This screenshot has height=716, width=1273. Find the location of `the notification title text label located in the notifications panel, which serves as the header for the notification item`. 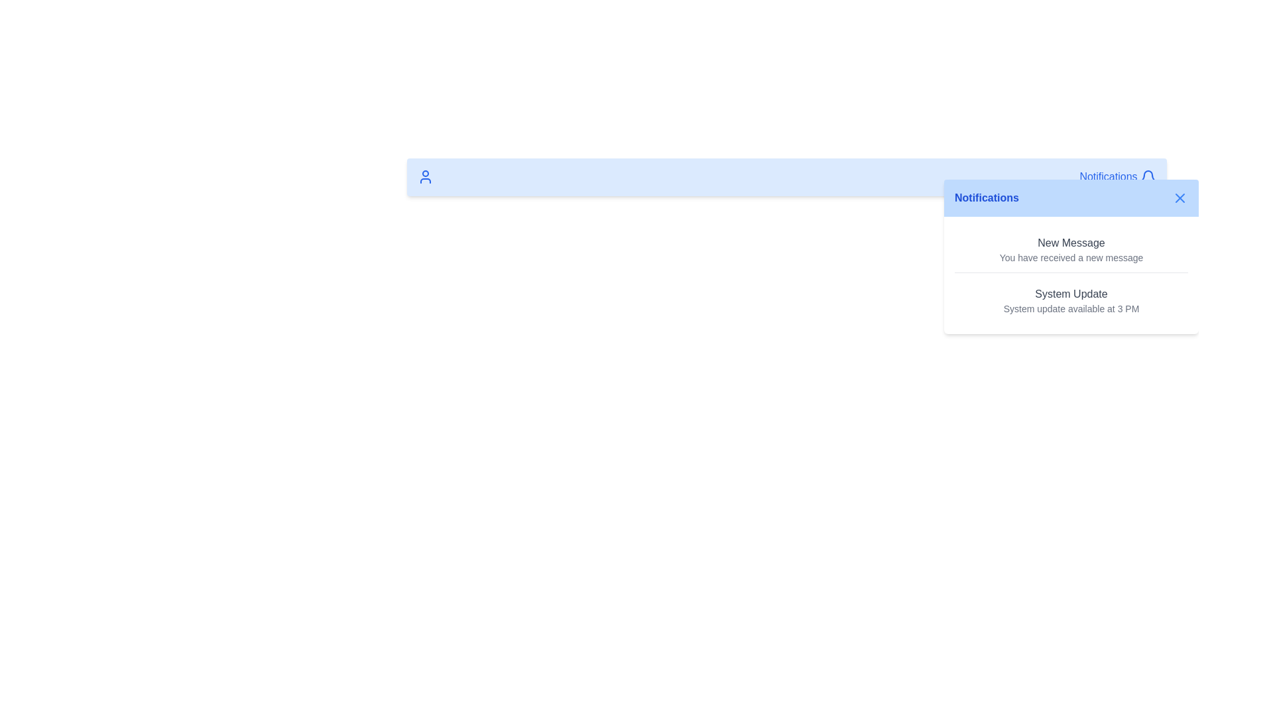

the notification title text label located in the notifications panel, which serves as the header for the notification item is located at coordinates (1071, 293).